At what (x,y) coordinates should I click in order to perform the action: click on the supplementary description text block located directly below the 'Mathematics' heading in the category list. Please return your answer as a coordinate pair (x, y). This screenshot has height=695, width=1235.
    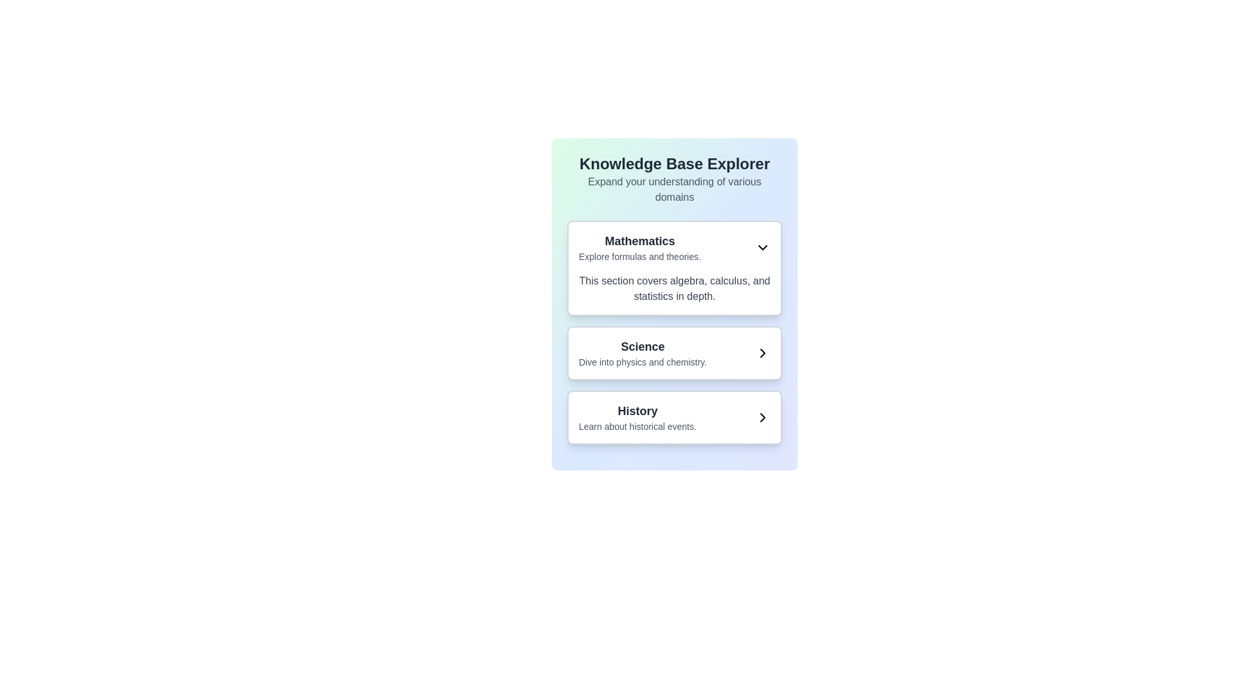
    Looking at the image, I should click on (639, 256).